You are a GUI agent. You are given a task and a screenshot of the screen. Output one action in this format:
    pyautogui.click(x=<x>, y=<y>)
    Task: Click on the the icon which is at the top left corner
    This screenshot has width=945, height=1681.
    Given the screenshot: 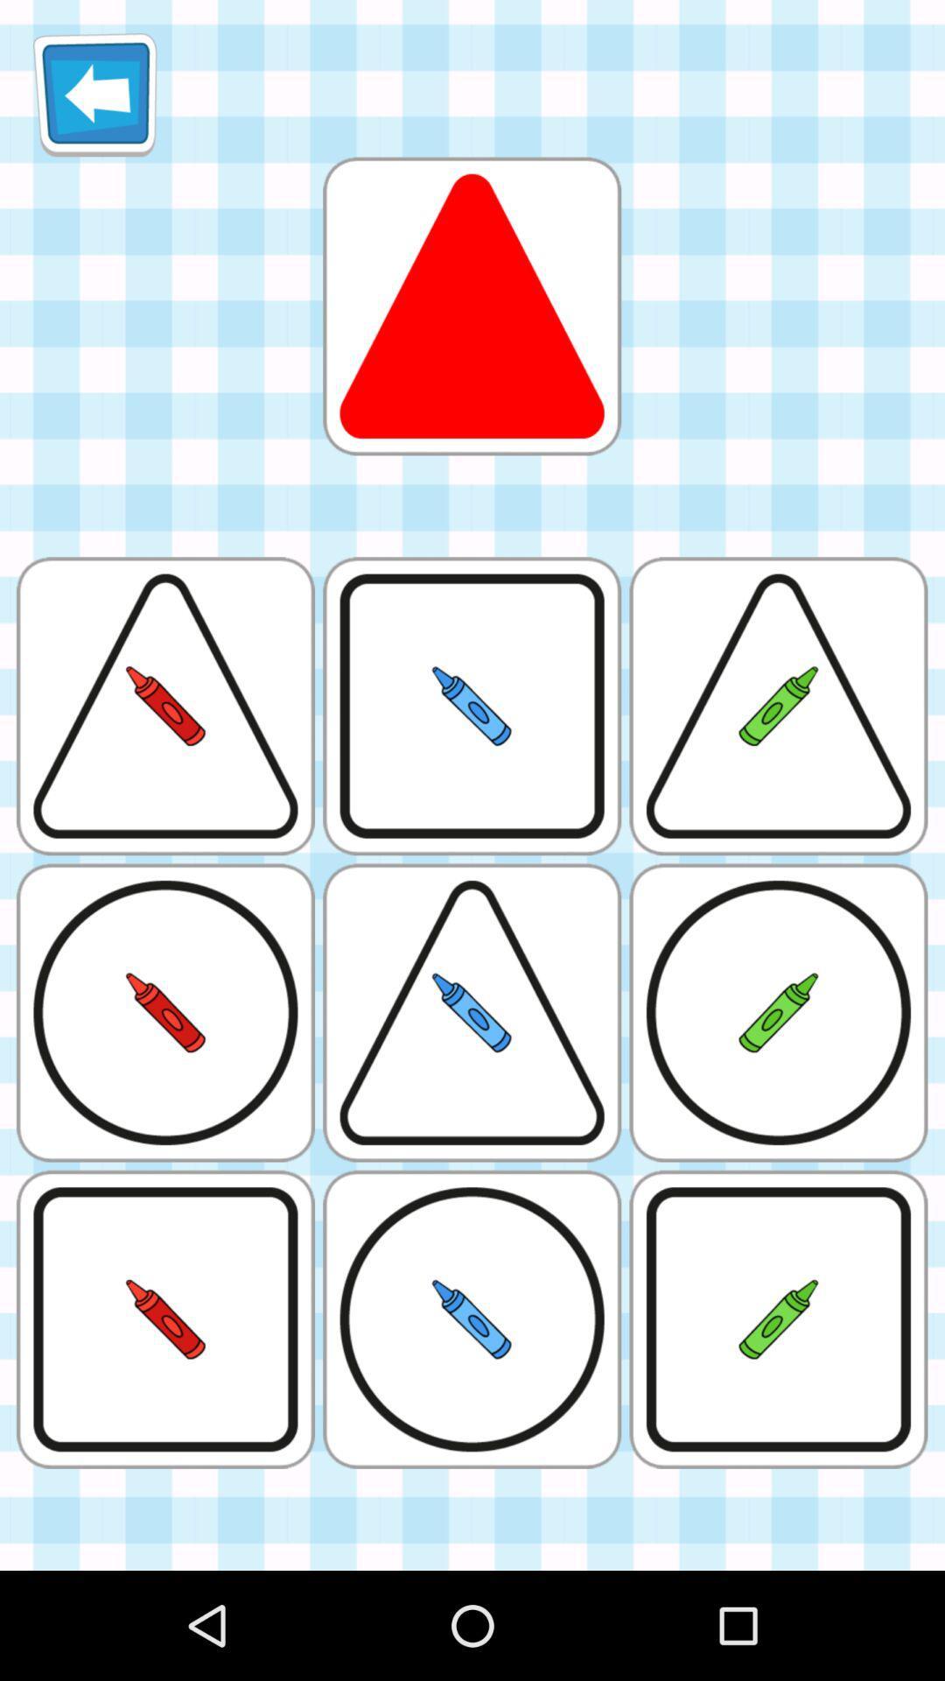 What is the action you would take?
    pyautogui.click(x=94, y=94)
    